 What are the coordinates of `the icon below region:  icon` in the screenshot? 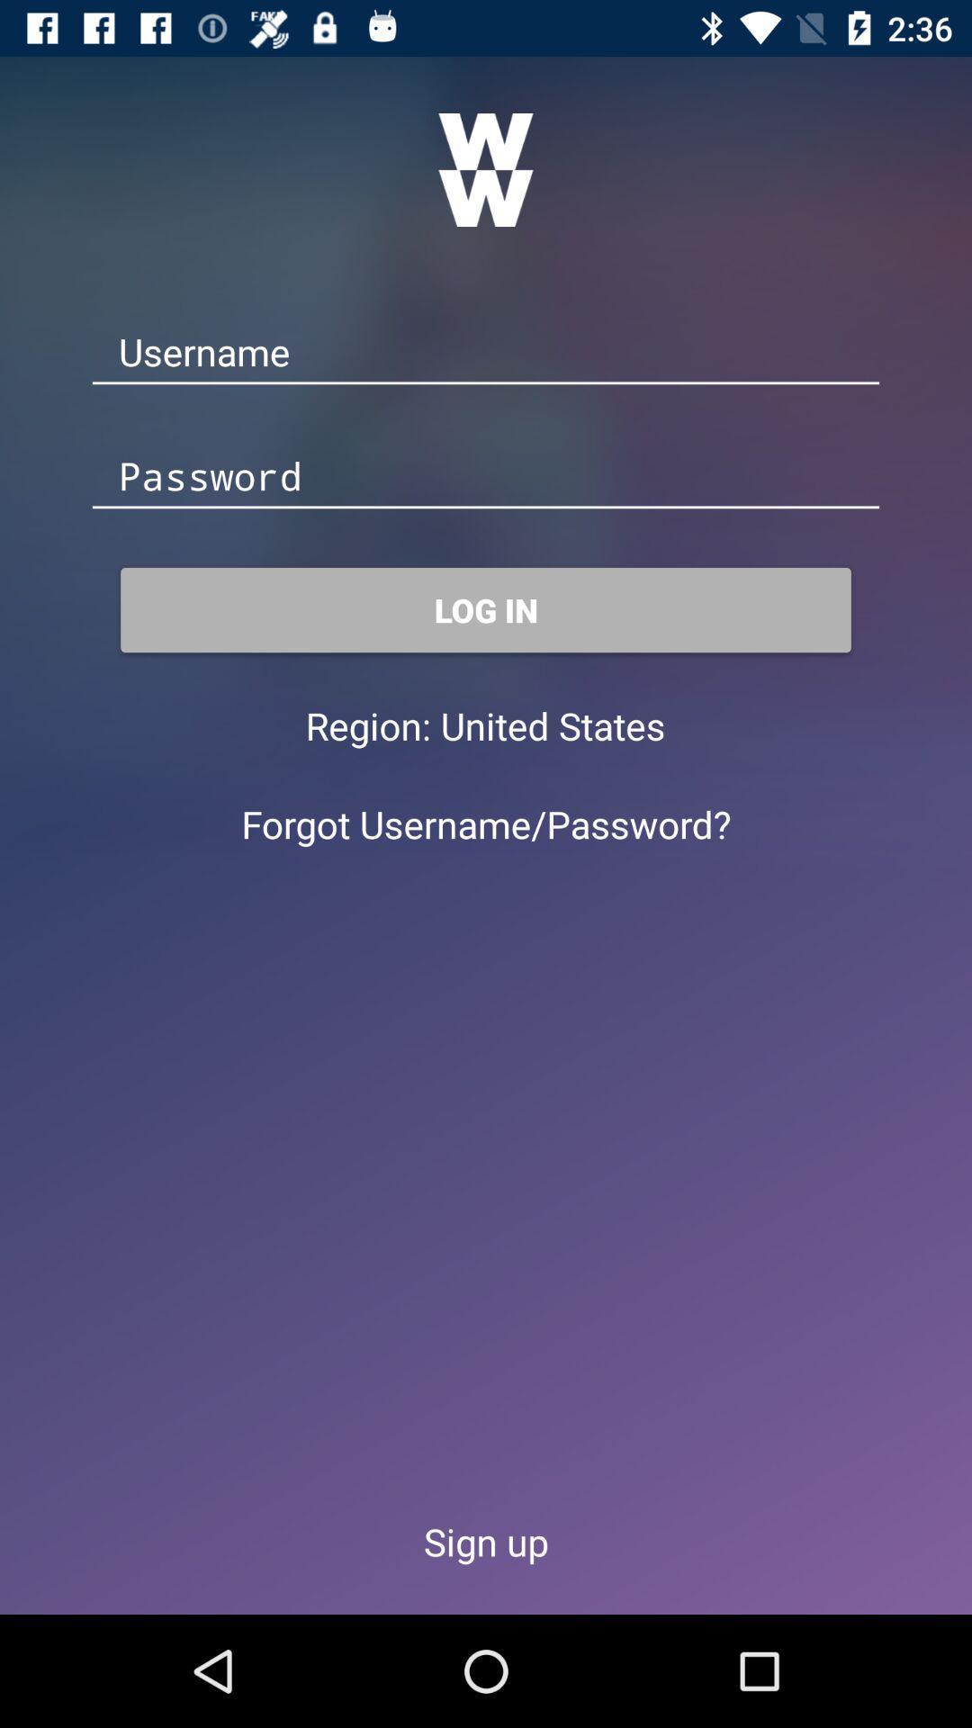 It's located at (486, 823).